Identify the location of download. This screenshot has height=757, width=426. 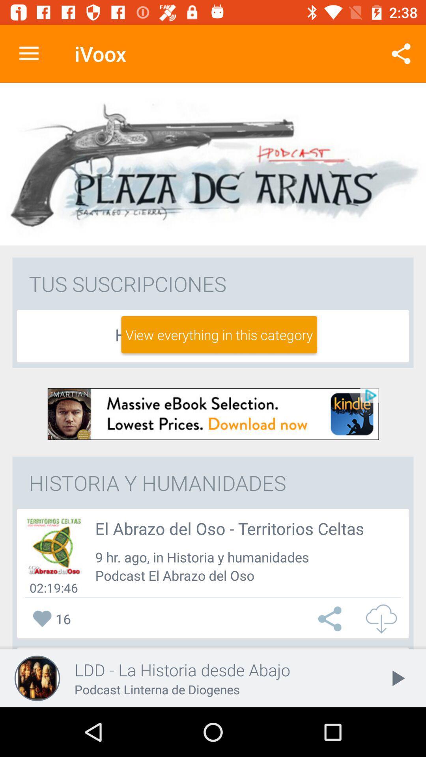
(213, 414).